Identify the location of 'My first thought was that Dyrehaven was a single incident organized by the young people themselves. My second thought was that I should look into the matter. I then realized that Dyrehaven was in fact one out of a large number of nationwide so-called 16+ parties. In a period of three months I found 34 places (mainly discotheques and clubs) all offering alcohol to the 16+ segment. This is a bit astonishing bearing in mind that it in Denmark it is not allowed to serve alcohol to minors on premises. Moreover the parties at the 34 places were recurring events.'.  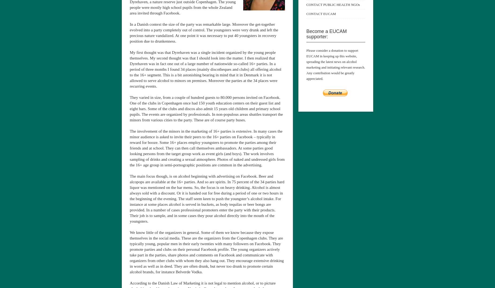
(205, 69).